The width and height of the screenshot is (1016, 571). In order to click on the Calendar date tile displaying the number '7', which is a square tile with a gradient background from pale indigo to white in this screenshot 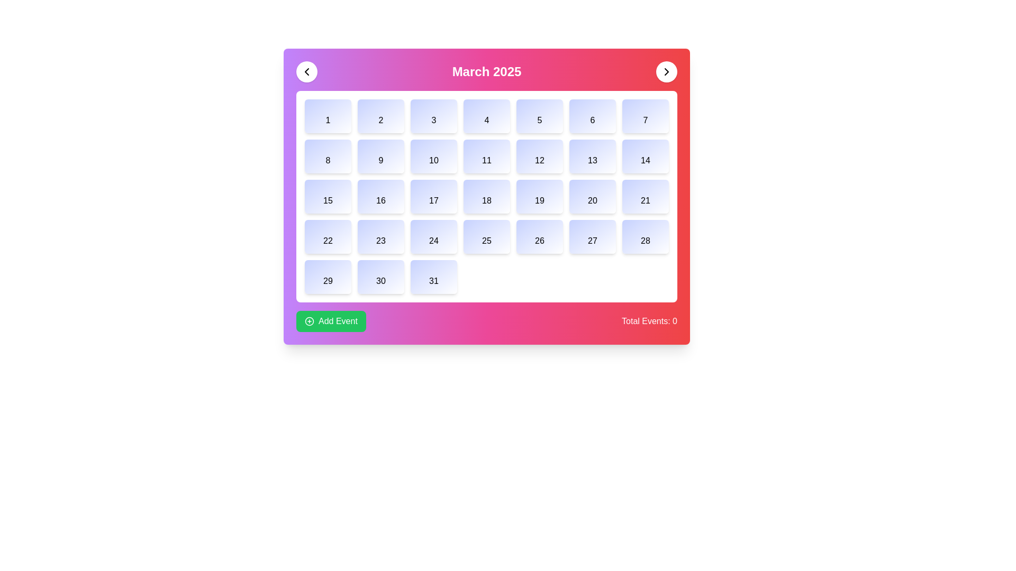, I will do `click(645, 116)`.